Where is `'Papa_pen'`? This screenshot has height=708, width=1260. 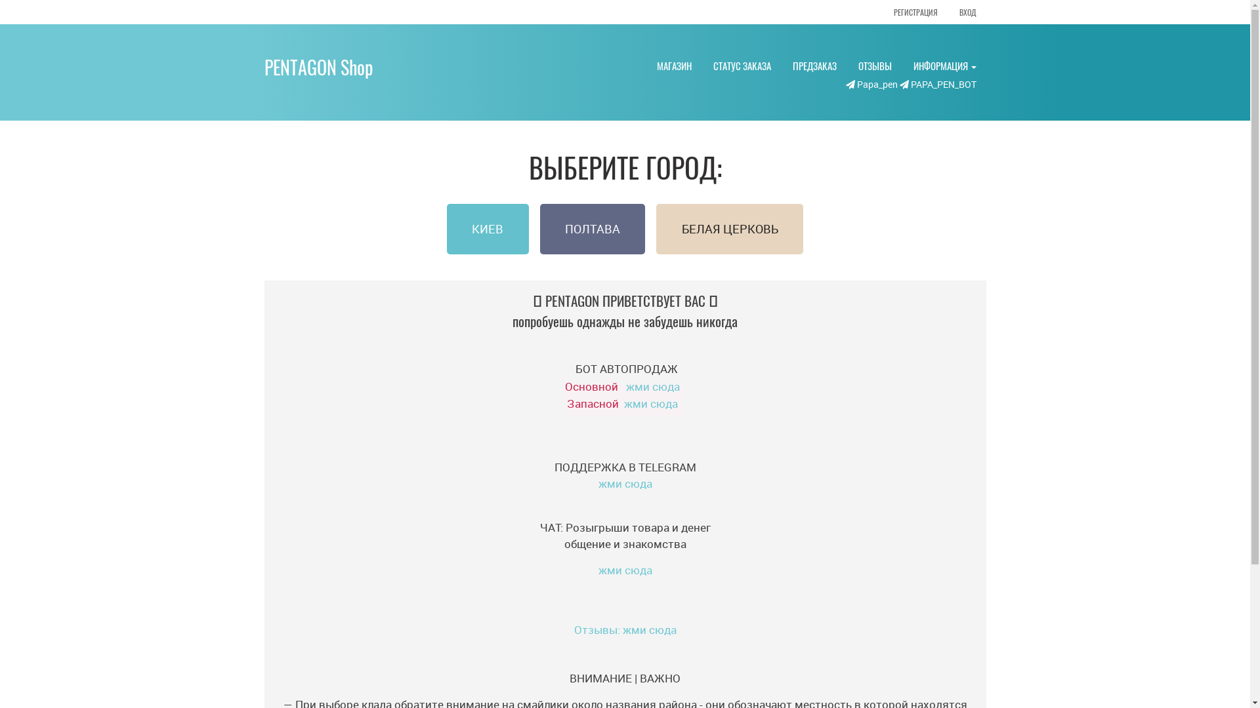
'Papa_pen' is located at coordinates (870, 84).